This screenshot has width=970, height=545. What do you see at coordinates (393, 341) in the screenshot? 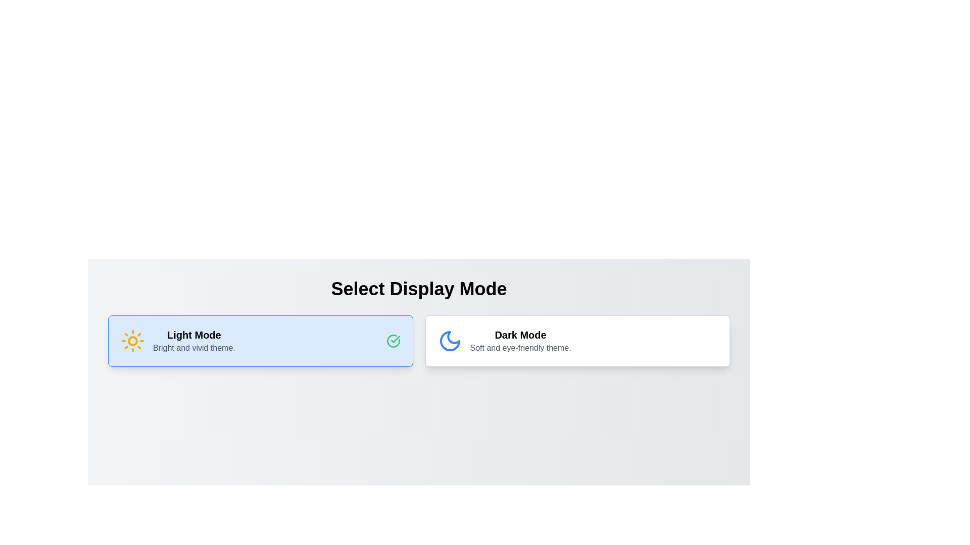
I see `the green circular checkmark icon located in the top-right section of the Light Mode card, which has a distinct outline and a visible check inside it` at bounding box center [393, 341].